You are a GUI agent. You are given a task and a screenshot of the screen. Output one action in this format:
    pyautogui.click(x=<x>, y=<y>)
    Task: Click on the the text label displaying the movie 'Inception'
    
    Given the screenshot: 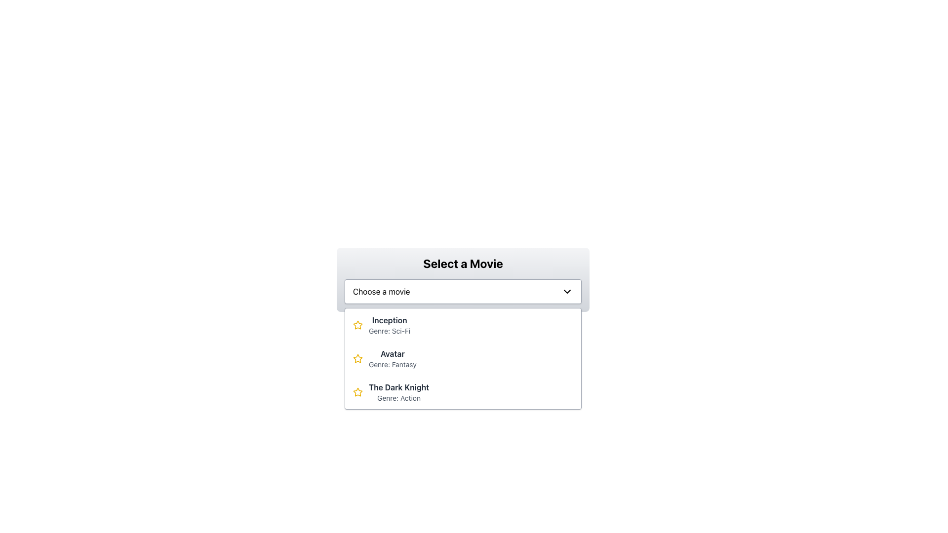 What is the action you would take?
    pyautogui.click(x=389, y=325)
    